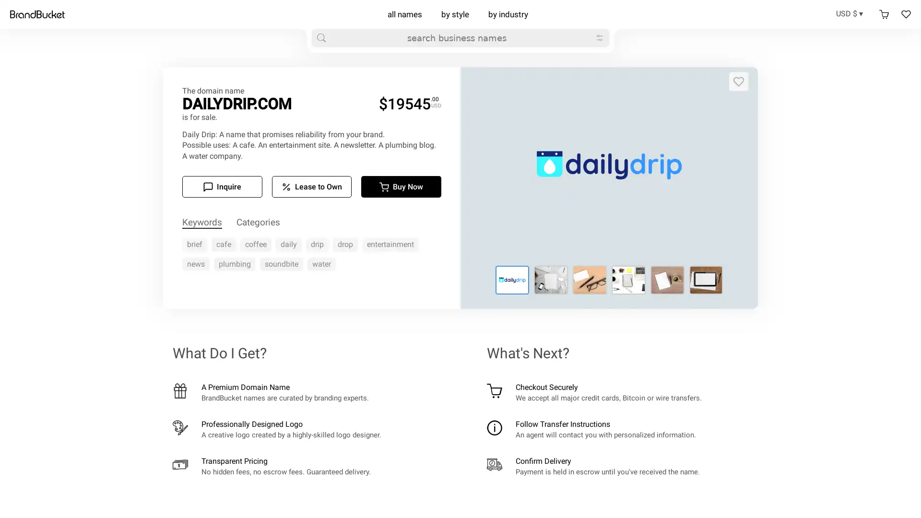  Describe the element at coordinates (201, 223) in the screenshot. I see `Keywords` at that location.